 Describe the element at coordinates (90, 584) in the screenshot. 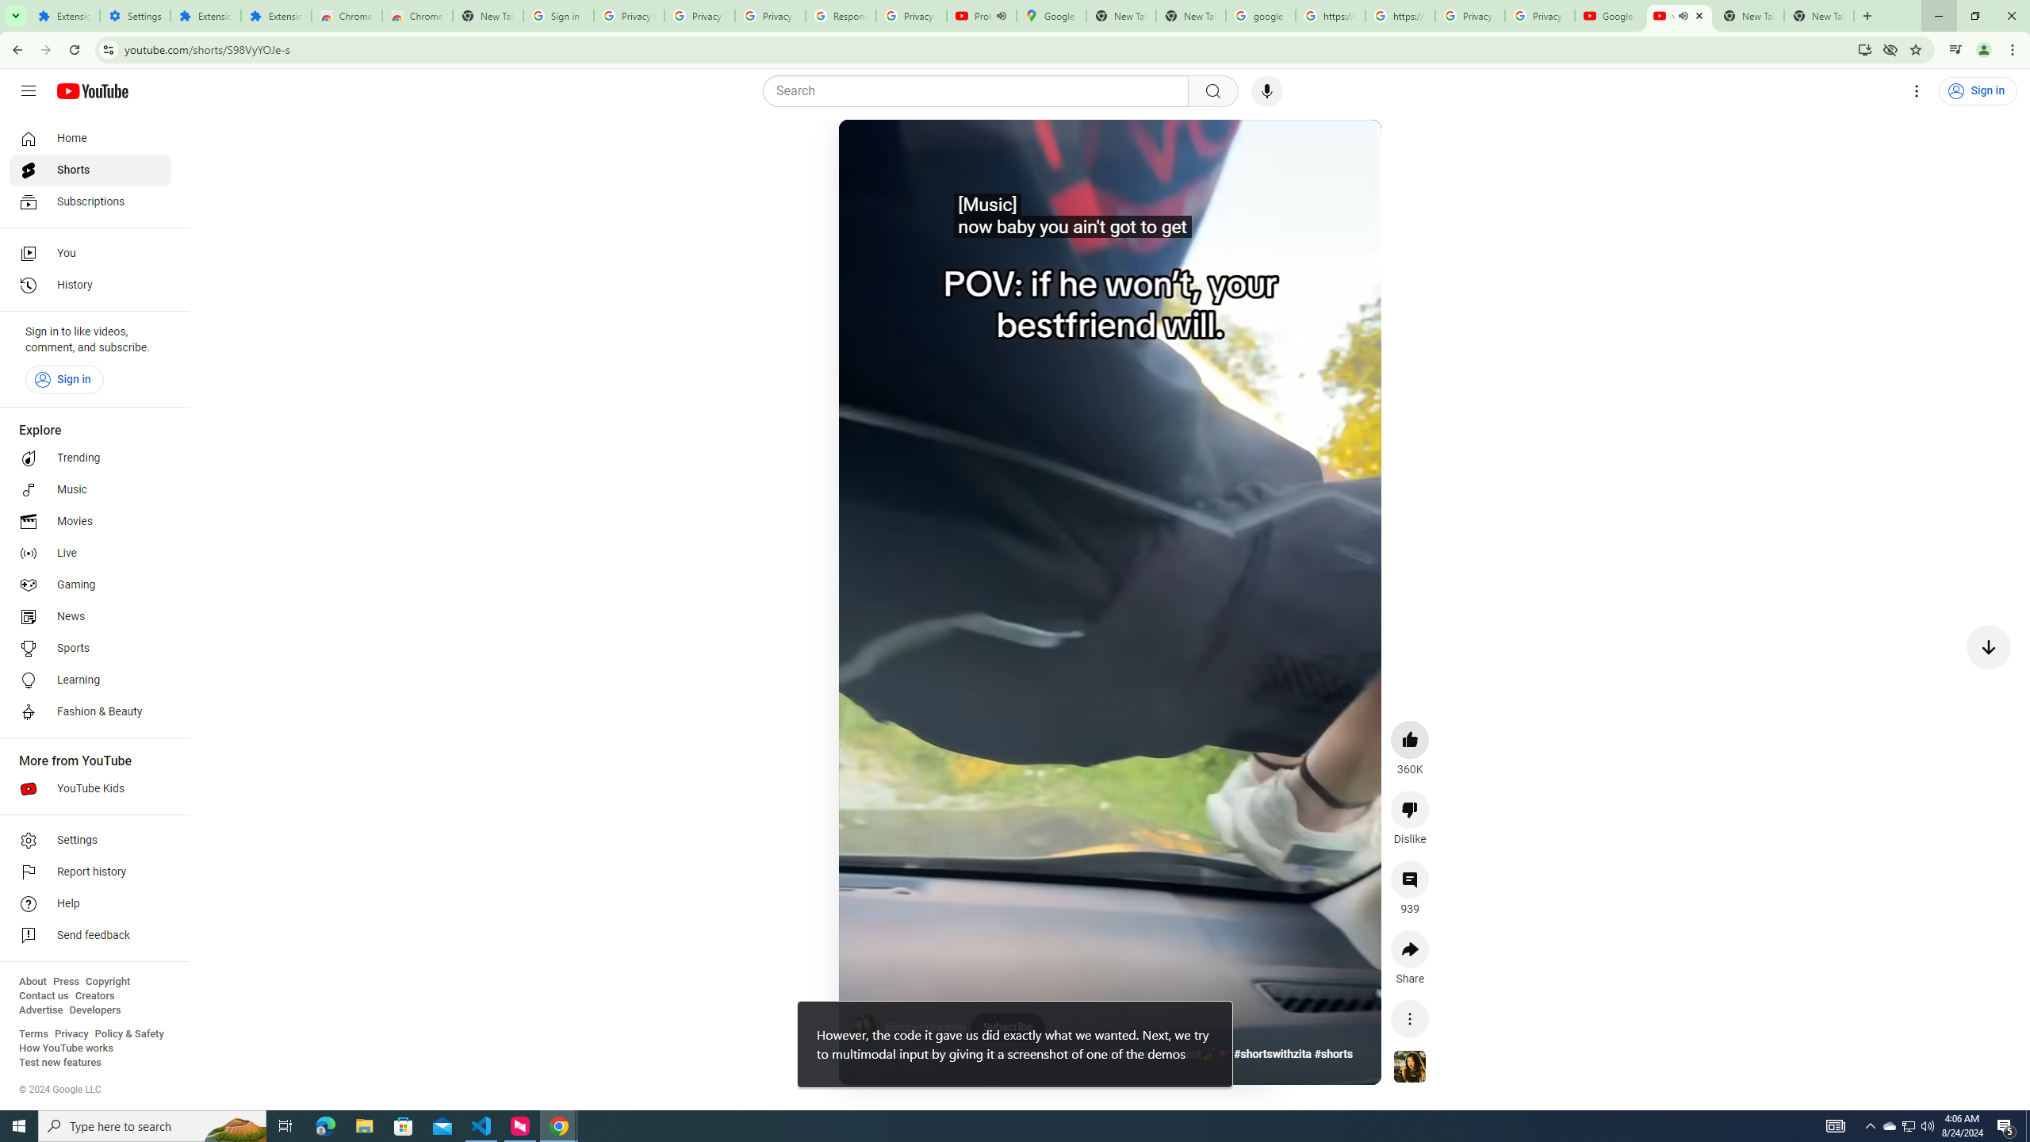

I see `'Gaming'` at that location.